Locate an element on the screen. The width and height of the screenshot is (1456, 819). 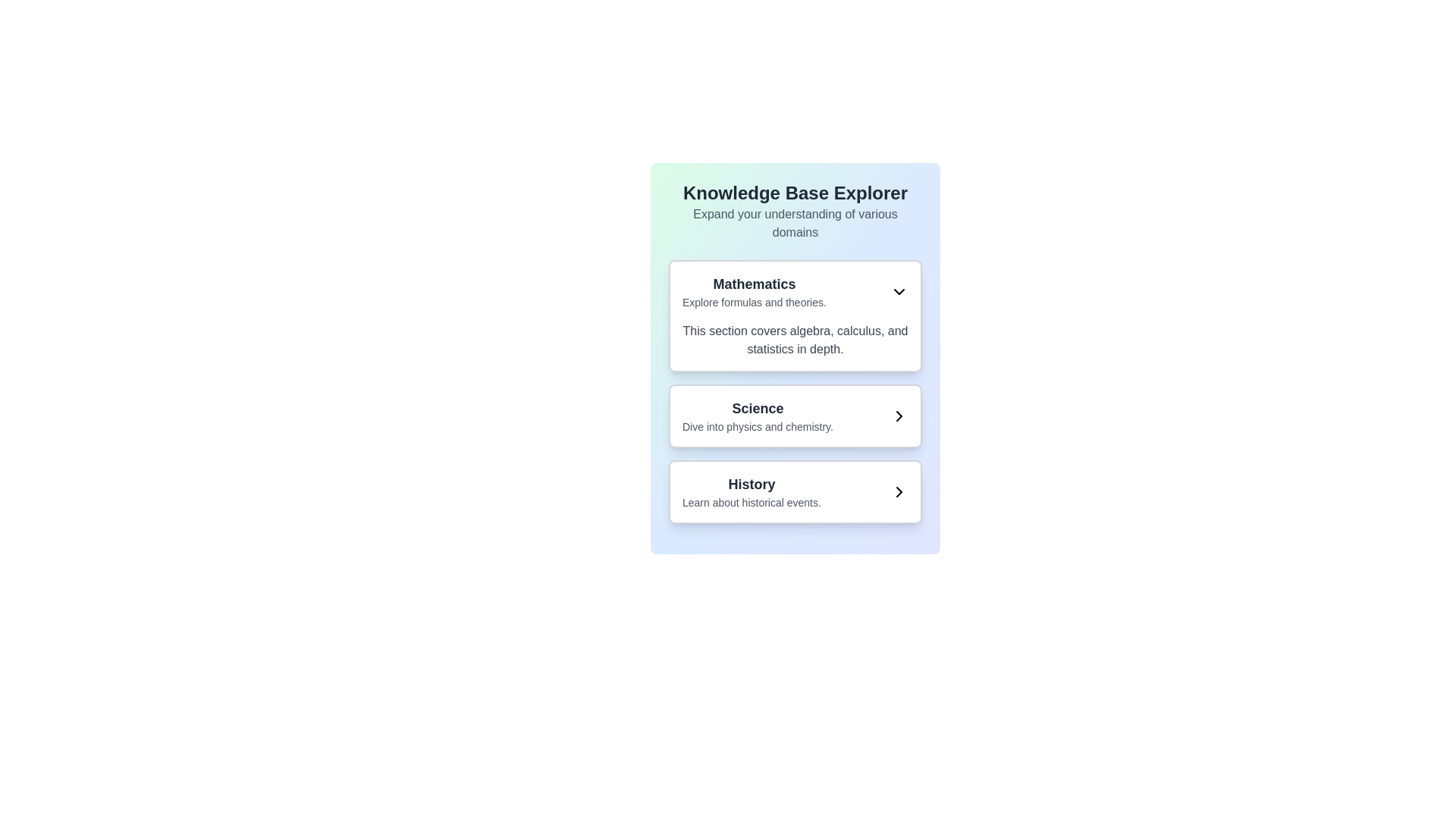
the 'Mathematics' text label, which is bold, larger-sized, and dark gray, located in the topmost card under 'Knowledge Base Explorer' is located at coordinates (754, 284).